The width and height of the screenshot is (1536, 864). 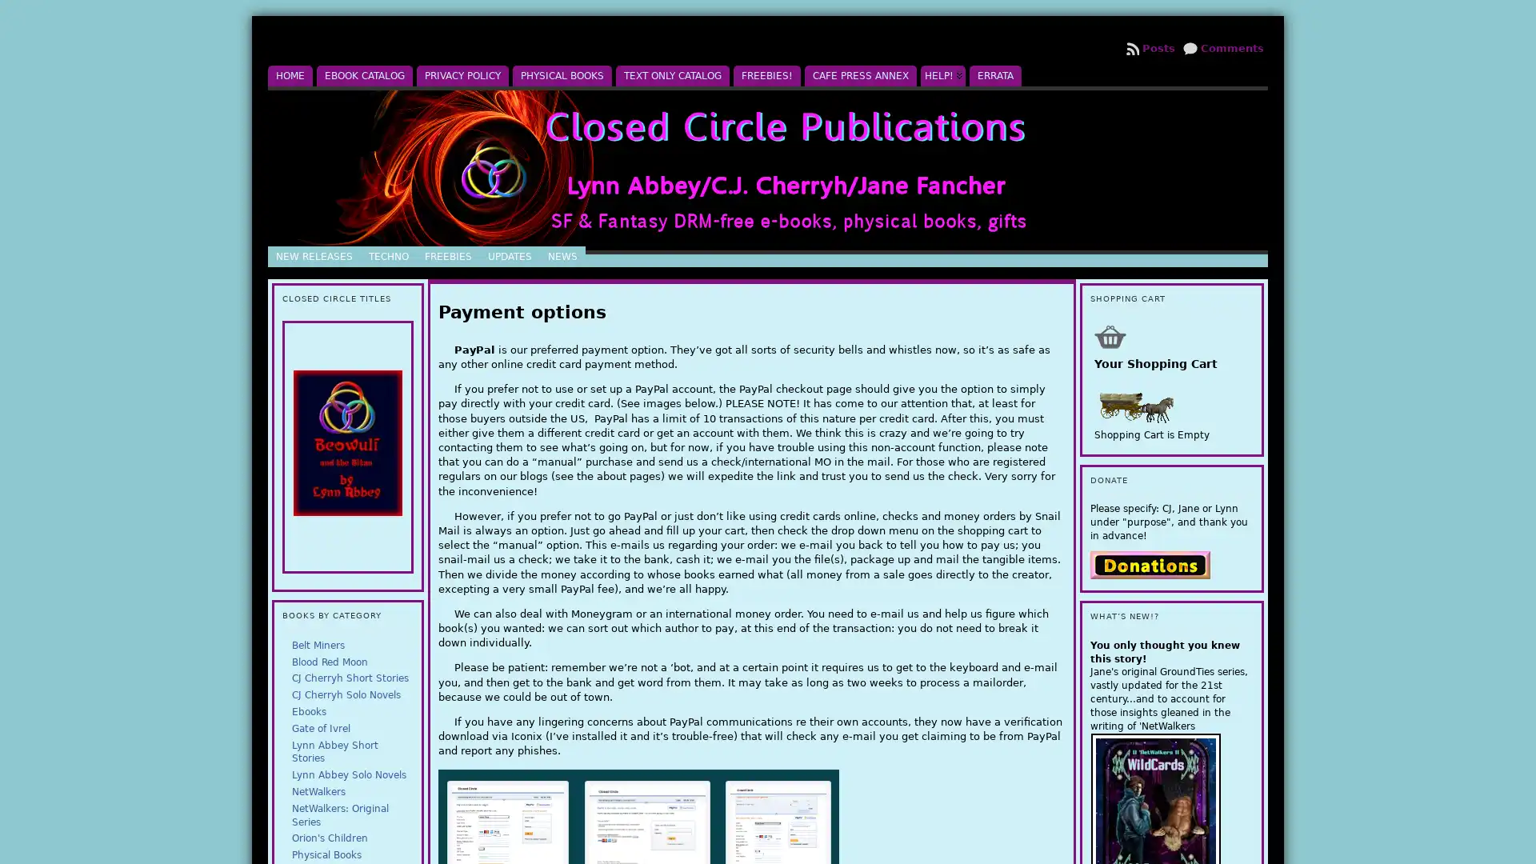 I want to click on PayPal - The safer, easier way to pay online., so click(x=1148, y=563).